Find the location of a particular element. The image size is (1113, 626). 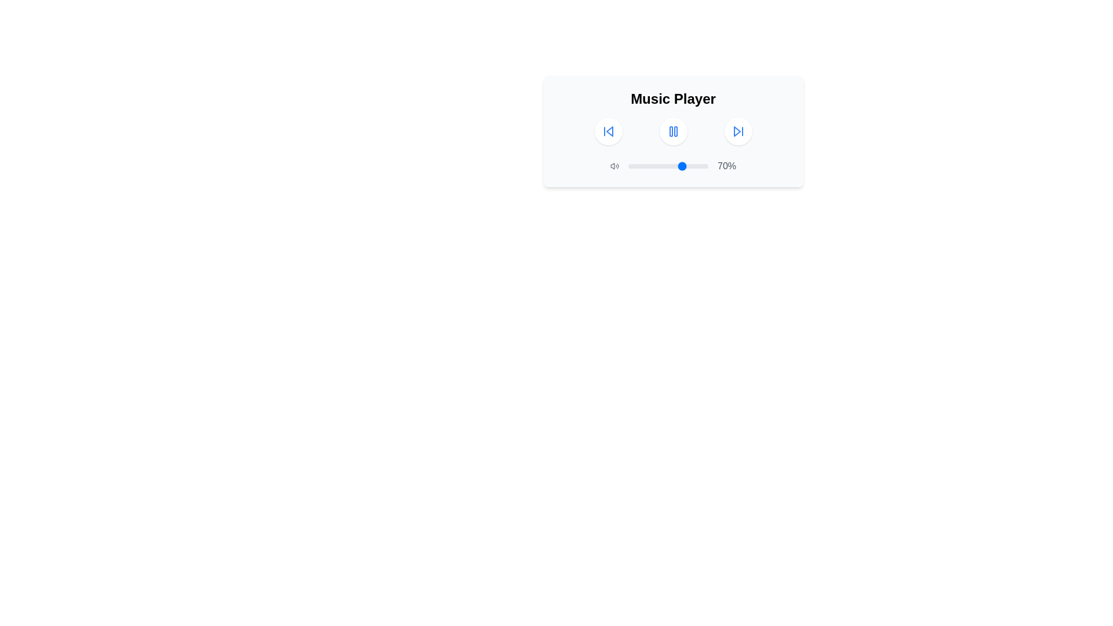

the circular button with a blue pause icon located in the music player interface is located at coordinates (673, 131).